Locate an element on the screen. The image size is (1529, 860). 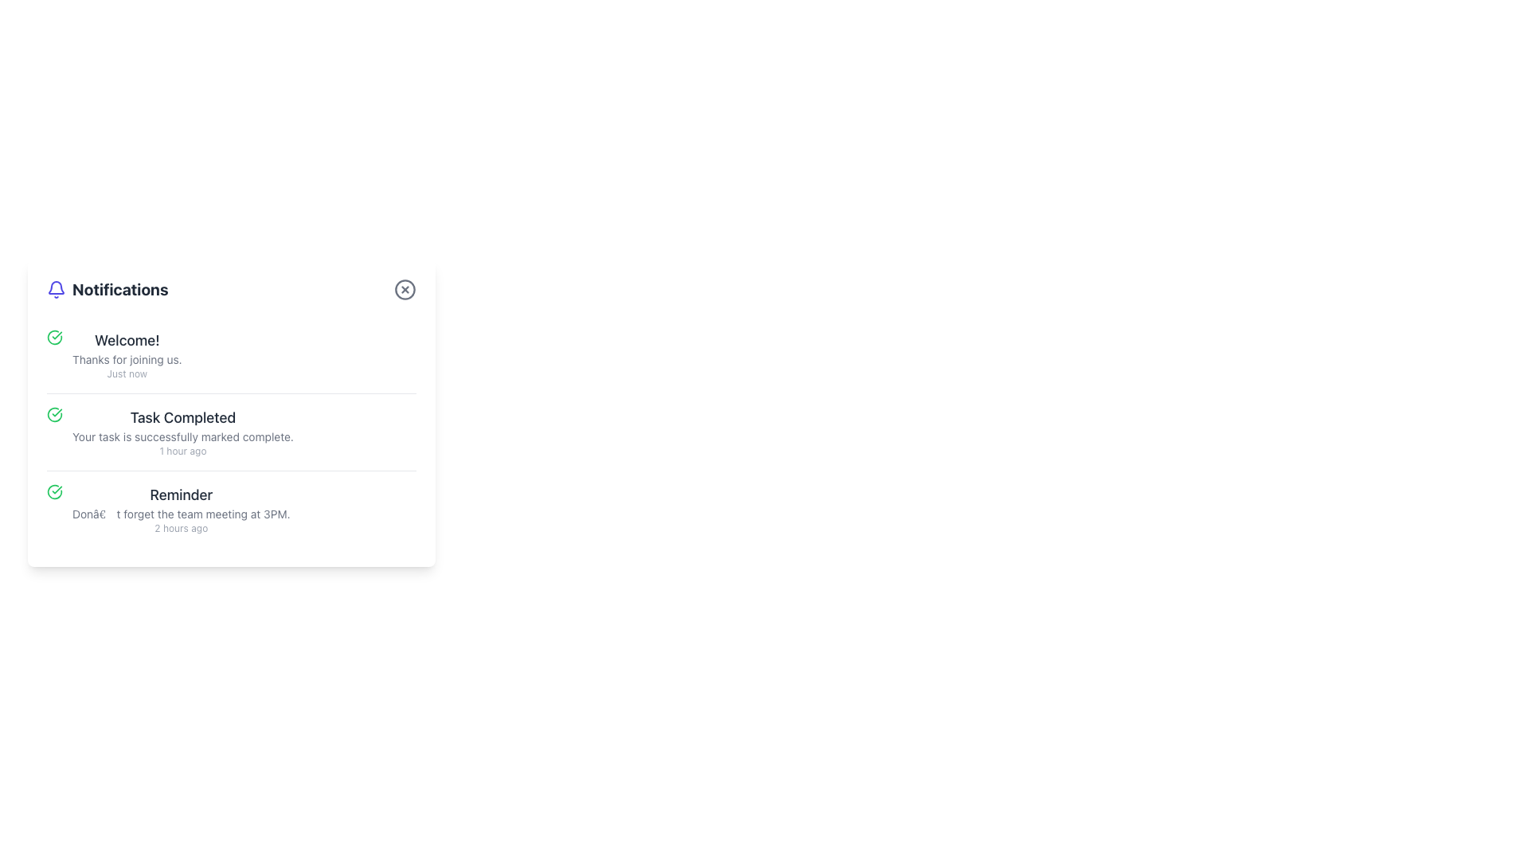
message and timestamp from the notification card titled 'Reminder' that contains the message 'Don’t forget the team meeting at 3PM.' and the timestamp '2 hours ago' is located at coordinates (231, 509).